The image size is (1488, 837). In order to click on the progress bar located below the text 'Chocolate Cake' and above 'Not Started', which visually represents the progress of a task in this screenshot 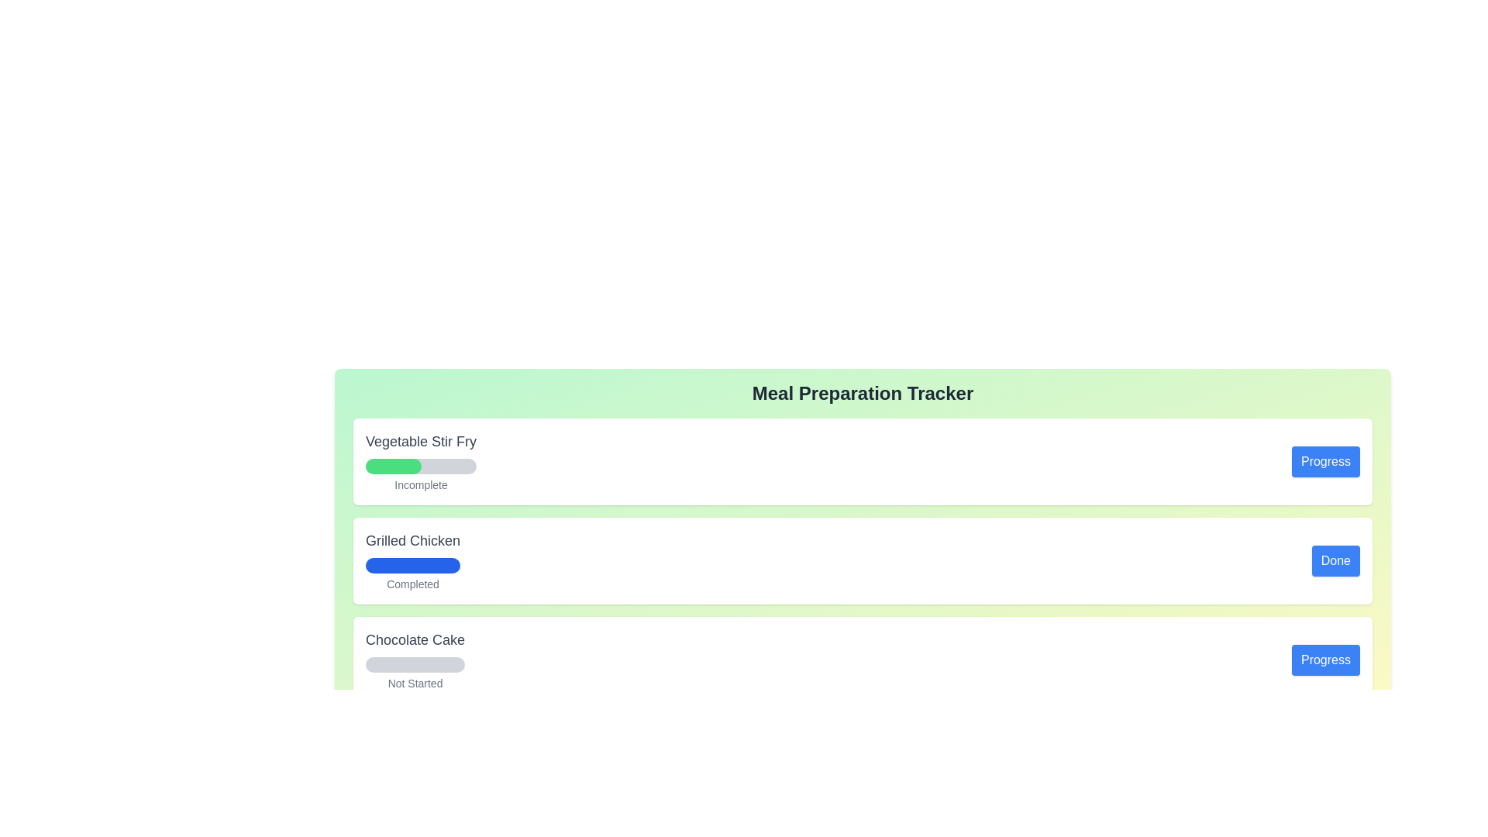, I will do `click(415, 663)`.